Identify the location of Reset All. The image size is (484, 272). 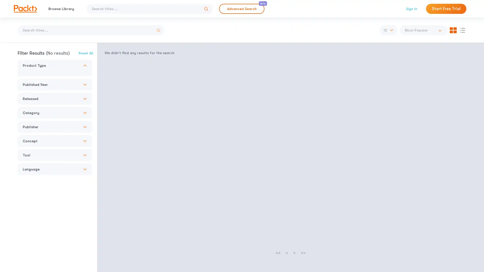
(86, 53).